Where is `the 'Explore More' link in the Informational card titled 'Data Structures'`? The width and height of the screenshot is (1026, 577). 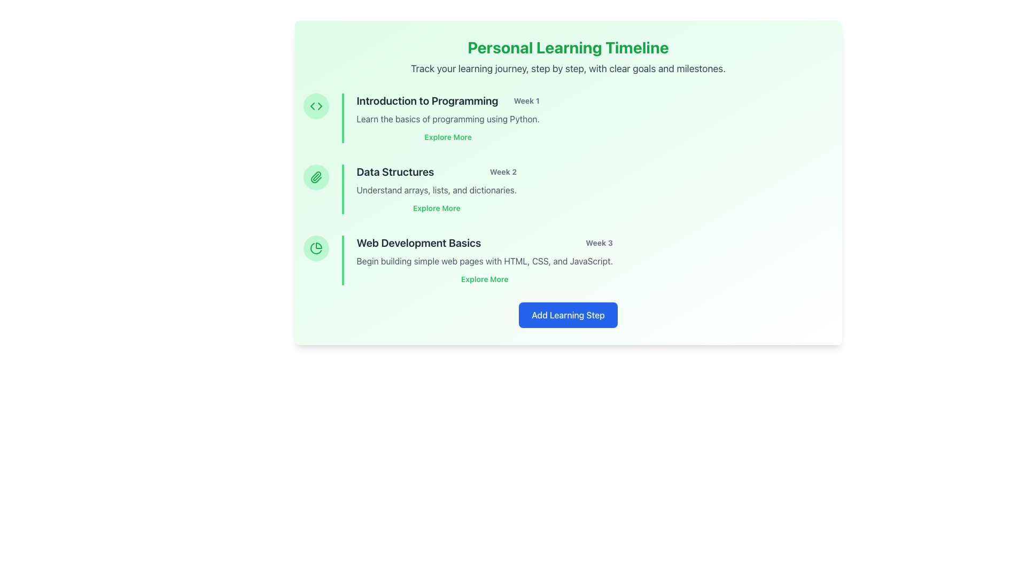 the 'Explore More' link in the Informational card titled 'Data Structures' is located at coordinates (429, 189).